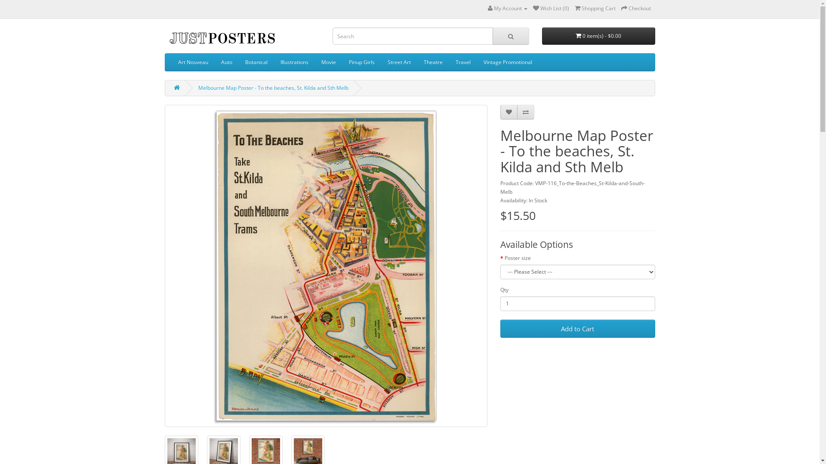  Describe the element at coordinates (361, 62) in the screenshot. I see `'Pinup Girls'` at that location.